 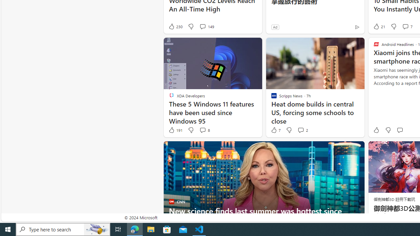 I want to click on 'View comments 2 Comment', so click(x=300, y=130).